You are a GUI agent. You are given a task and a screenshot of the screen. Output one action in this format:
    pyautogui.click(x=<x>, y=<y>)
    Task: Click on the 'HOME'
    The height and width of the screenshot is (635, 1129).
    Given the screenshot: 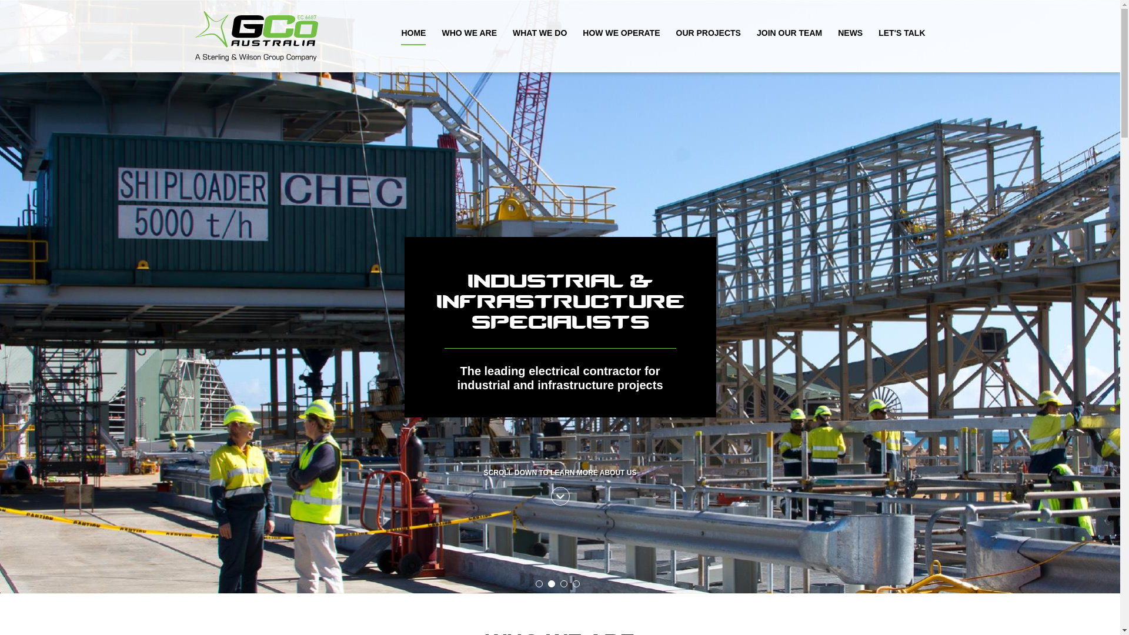 What is the action you would take?
    pyautogui.click(x=413, y=33)
    